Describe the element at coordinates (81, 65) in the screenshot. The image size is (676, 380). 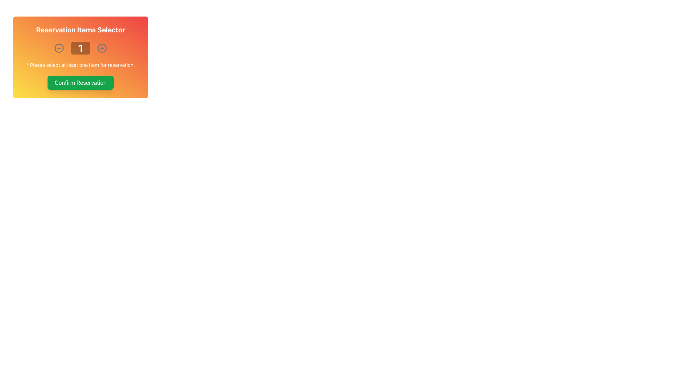
I see `the informational Text Label that reminds the user to select at least one item for reservation, positioned between the numeric display and the Confirm Reservation button` at that location.